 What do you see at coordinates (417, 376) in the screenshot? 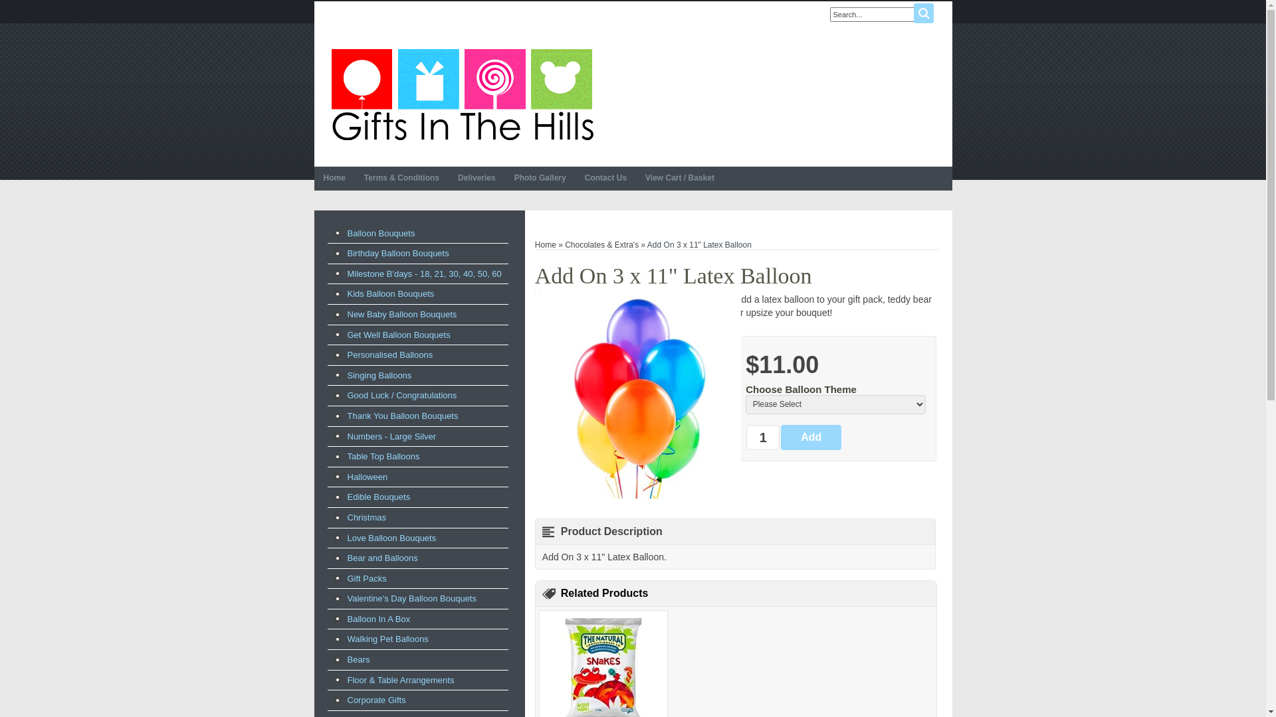
I see `'Singing Balloons'` at bounding box center [417, 376].